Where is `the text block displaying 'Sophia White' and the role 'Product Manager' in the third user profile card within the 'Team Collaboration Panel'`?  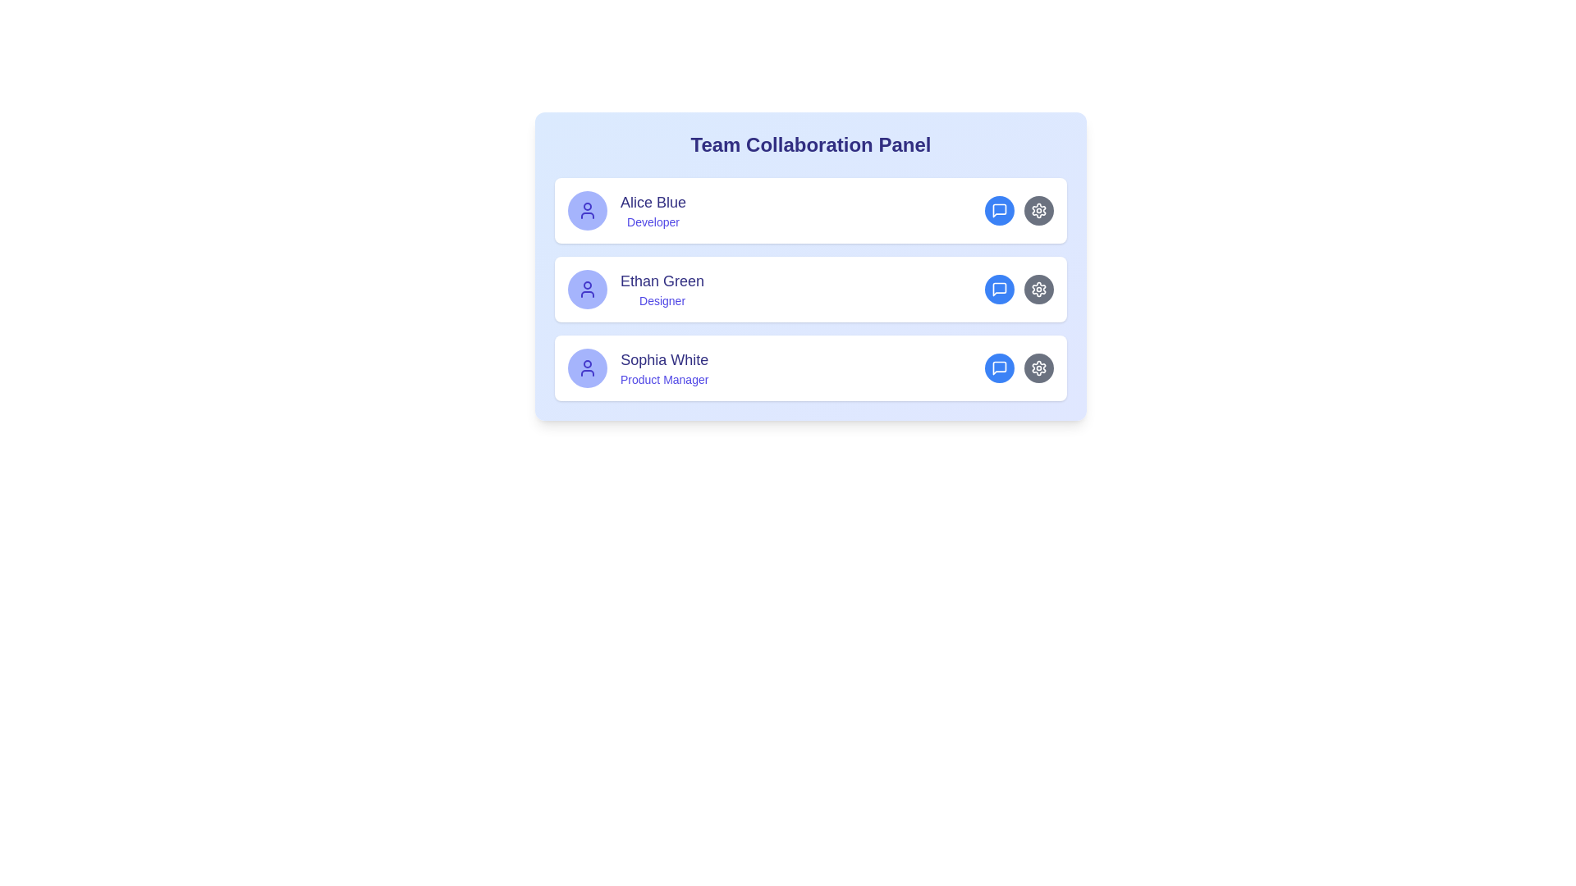 the text block displaying 'Sophia White' and the role 'Product Manager' in the third user profile card within the 'Team Collaboration Panel' is located at coordinates (637, 367).